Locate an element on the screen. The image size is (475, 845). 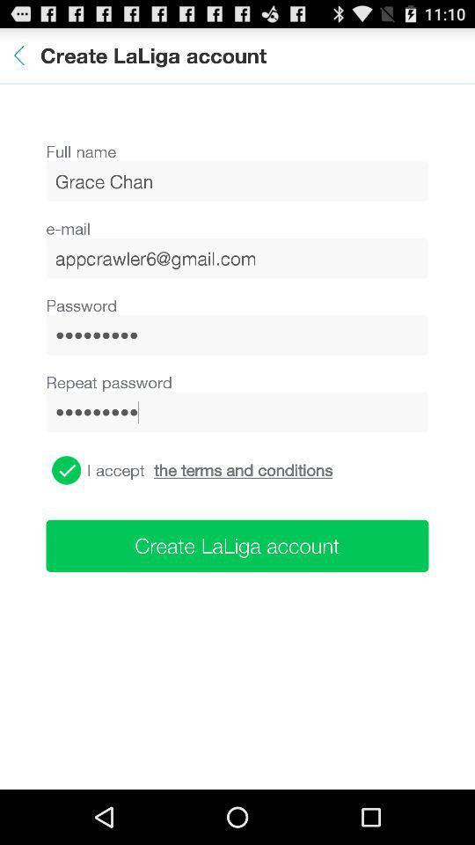
this button agrees the terms and conditions is located at coordinates (65, 469).